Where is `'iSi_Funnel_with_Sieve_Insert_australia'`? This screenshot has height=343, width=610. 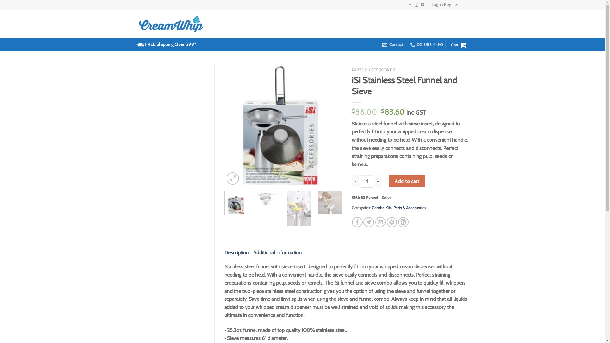
'iSi_Funnel_with_Sieve_Insert_australia' is located at coordinates (283, 125).